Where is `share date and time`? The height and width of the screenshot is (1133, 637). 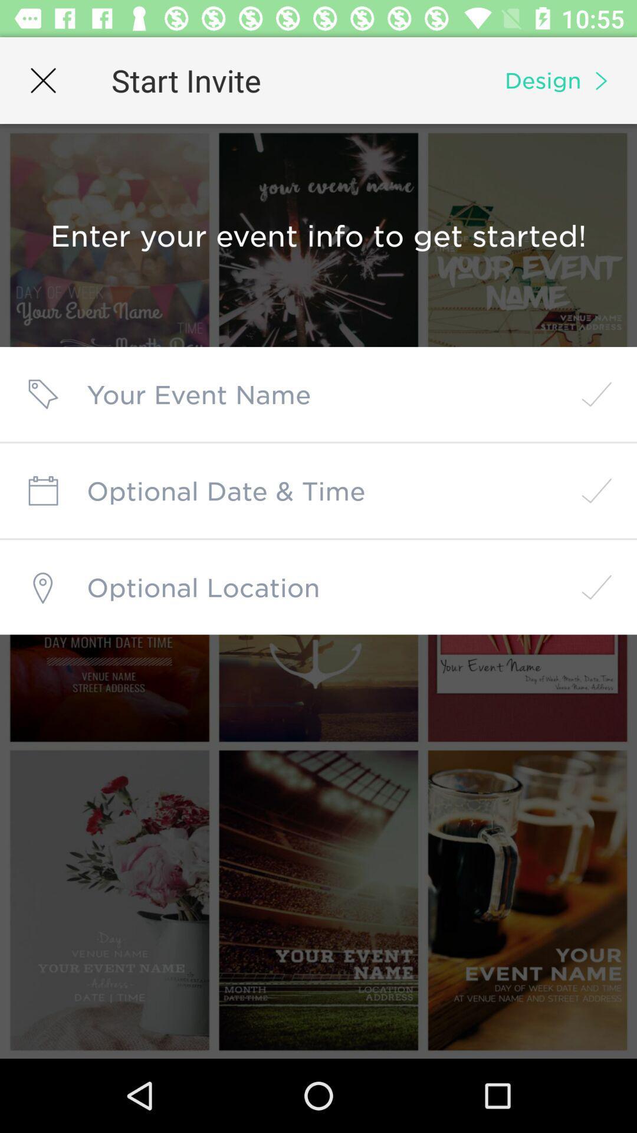 share date and time is located at coordinates (318, 490).